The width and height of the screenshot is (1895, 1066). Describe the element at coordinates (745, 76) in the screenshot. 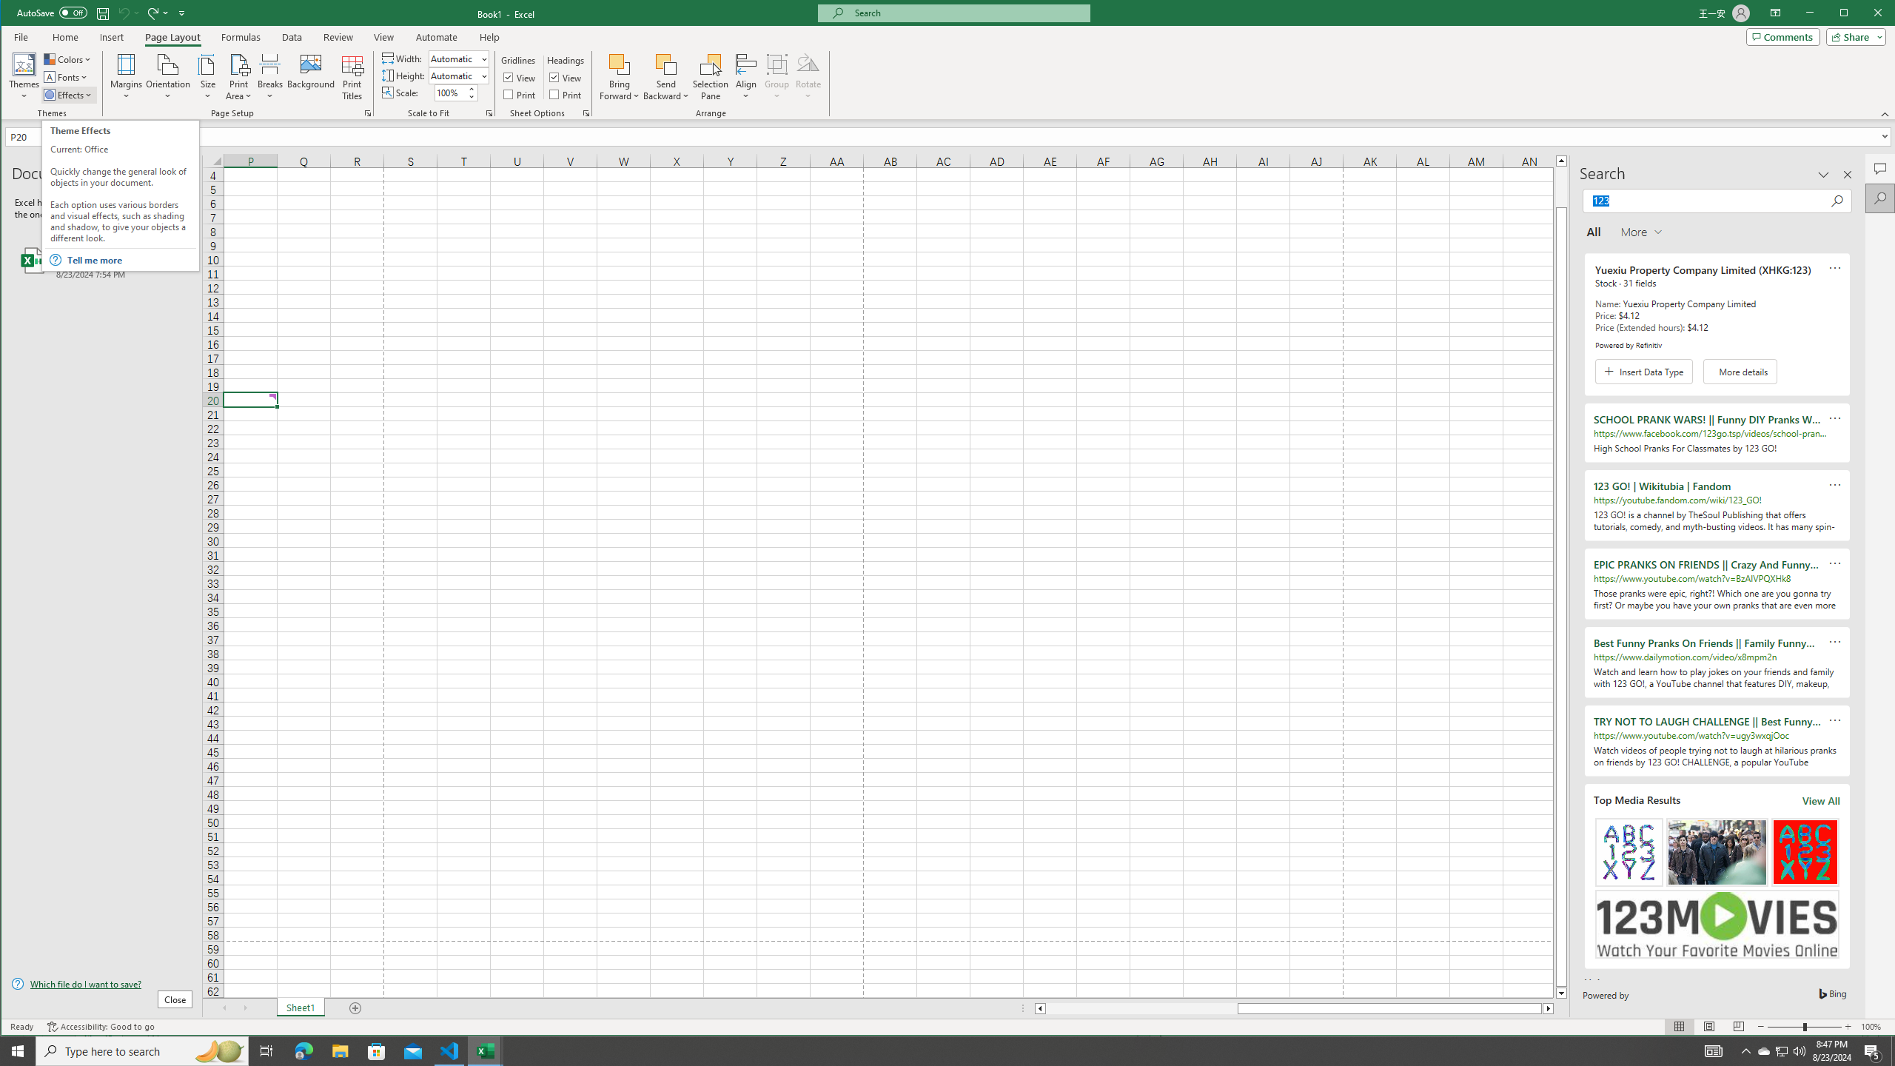

I see `'Align'` at that location.